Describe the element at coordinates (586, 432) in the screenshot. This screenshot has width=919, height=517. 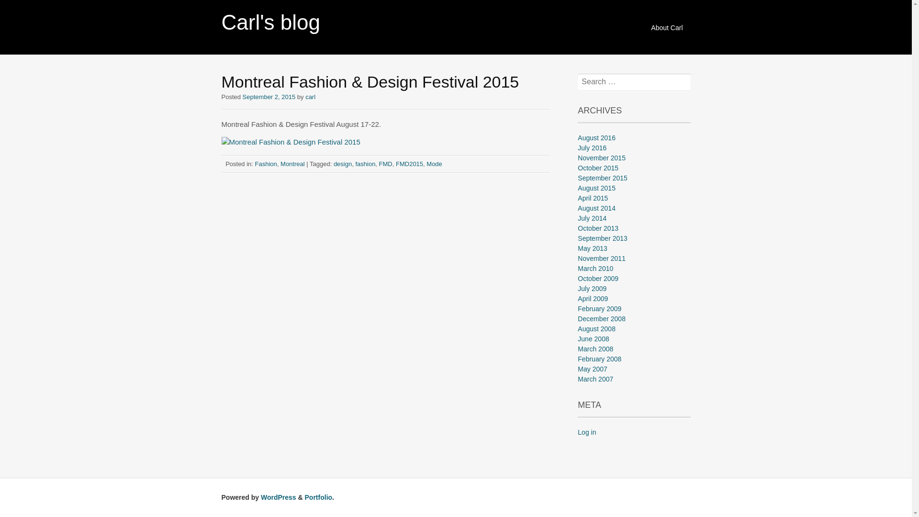
I see `'Log in'` at that location.